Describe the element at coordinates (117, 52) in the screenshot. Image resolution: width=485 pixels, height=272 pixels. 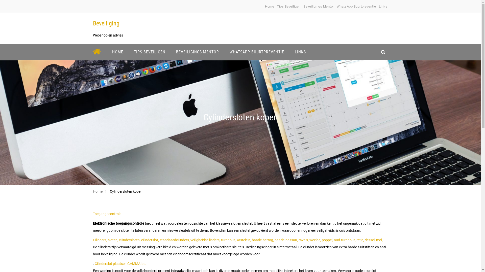
I see `'HOME'` at that location.